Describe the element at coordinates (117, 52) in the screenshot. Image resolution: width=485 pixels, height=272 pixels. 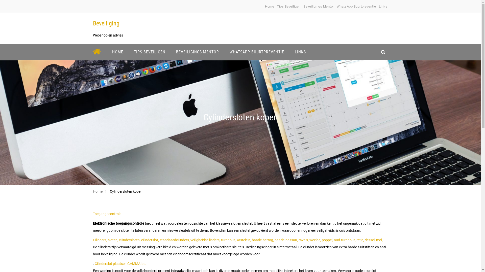
I see `'HOME'` at that location.